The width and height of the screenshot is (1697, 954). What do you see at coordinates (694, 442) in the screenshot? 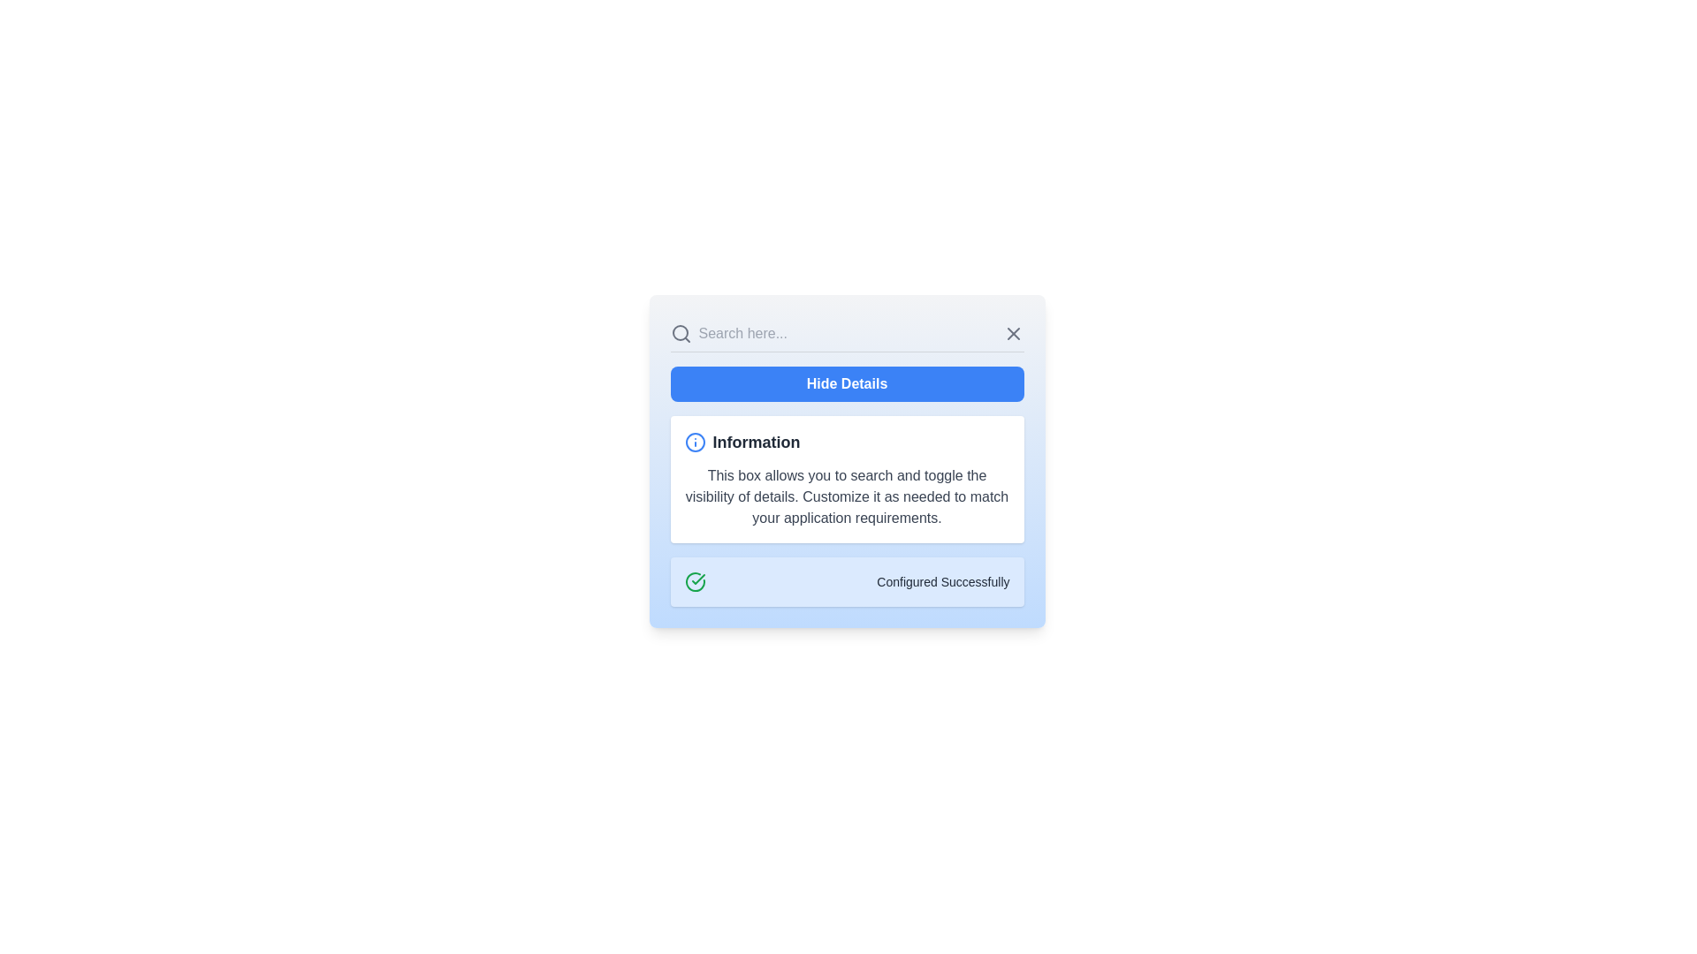
I see `the Circle SVG component within the icon that represents an informational state, located near the top-left corner of a card-like component, next to the text labeled 'Information.'` at bounding box center [694, 442].